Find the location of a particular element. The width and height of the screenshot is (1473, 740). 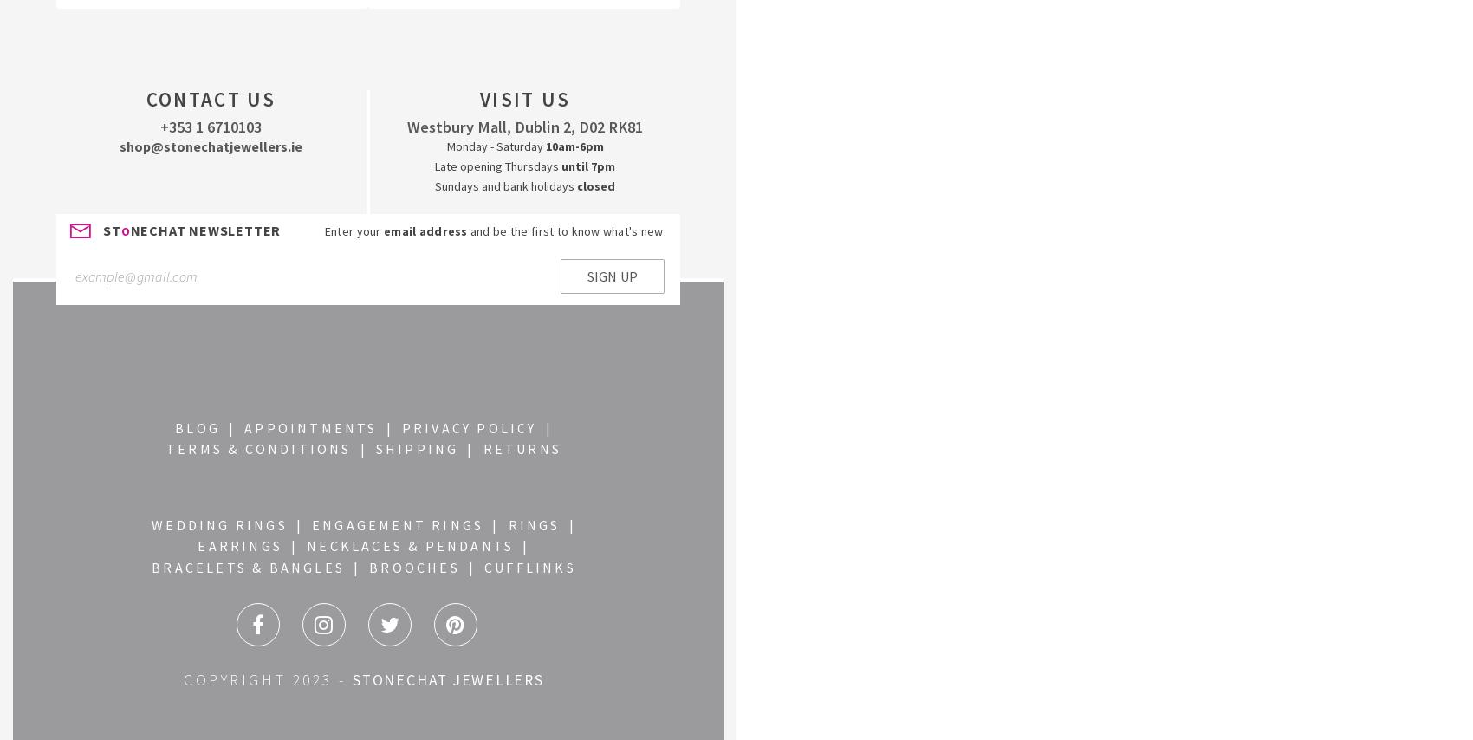

'until 7pm' is located at coordinates (561, 165).